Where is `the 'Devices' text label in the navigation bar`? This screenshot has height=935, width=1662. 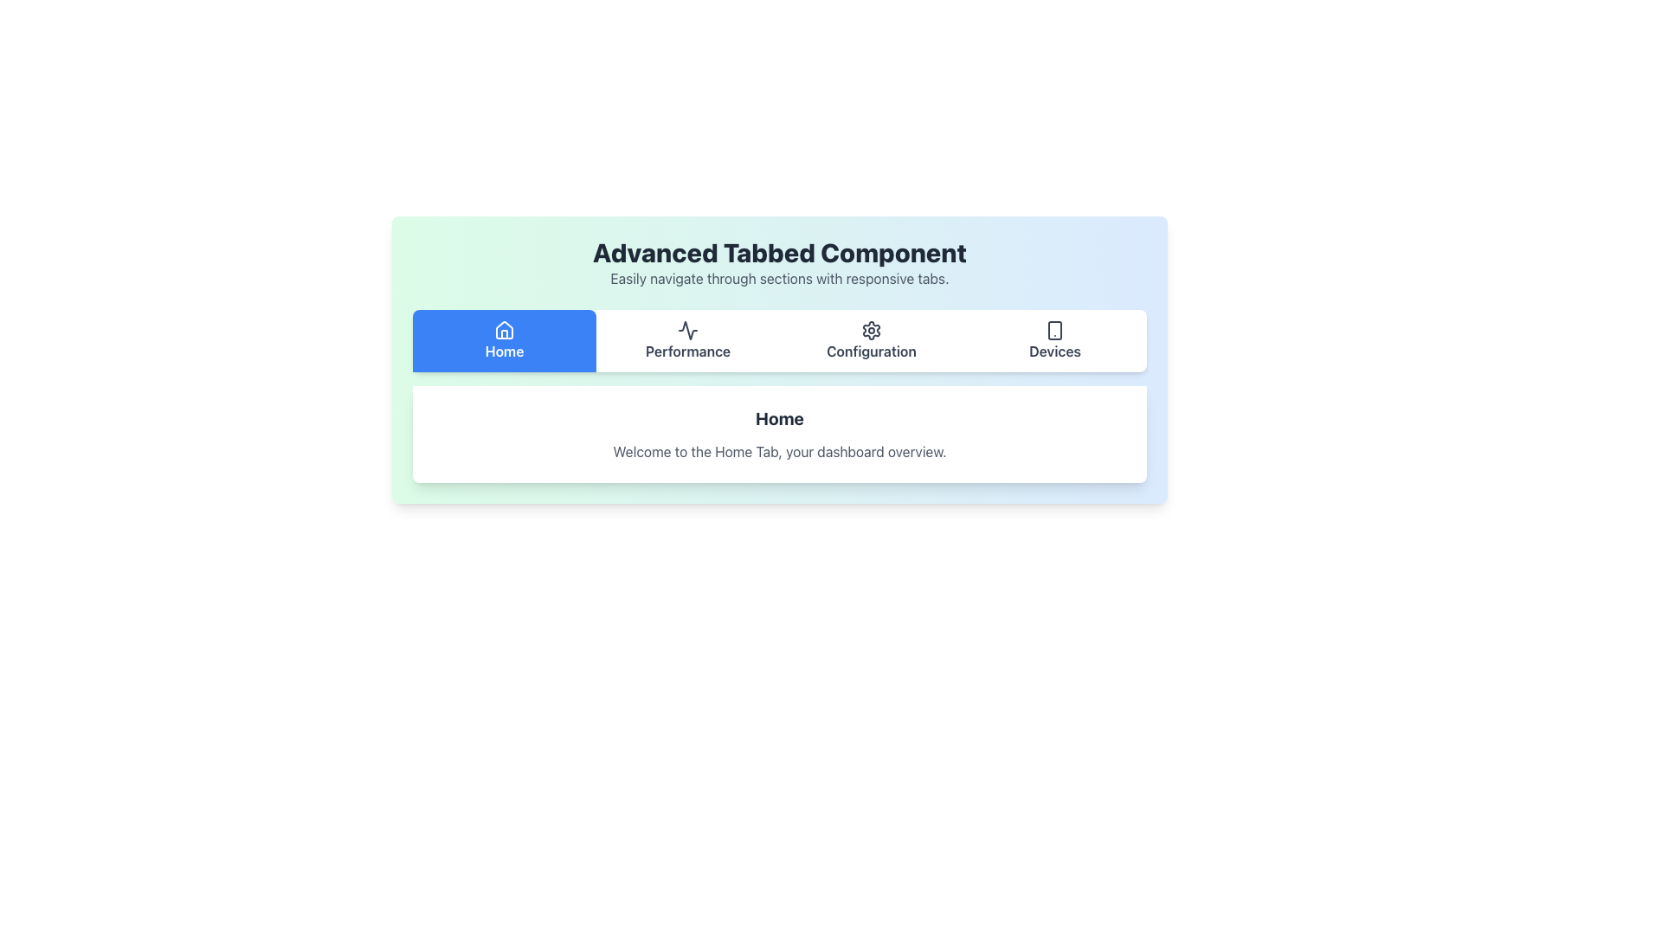 the 'Devices' text label in the navigation bar is located at coordinates (1054, 351).